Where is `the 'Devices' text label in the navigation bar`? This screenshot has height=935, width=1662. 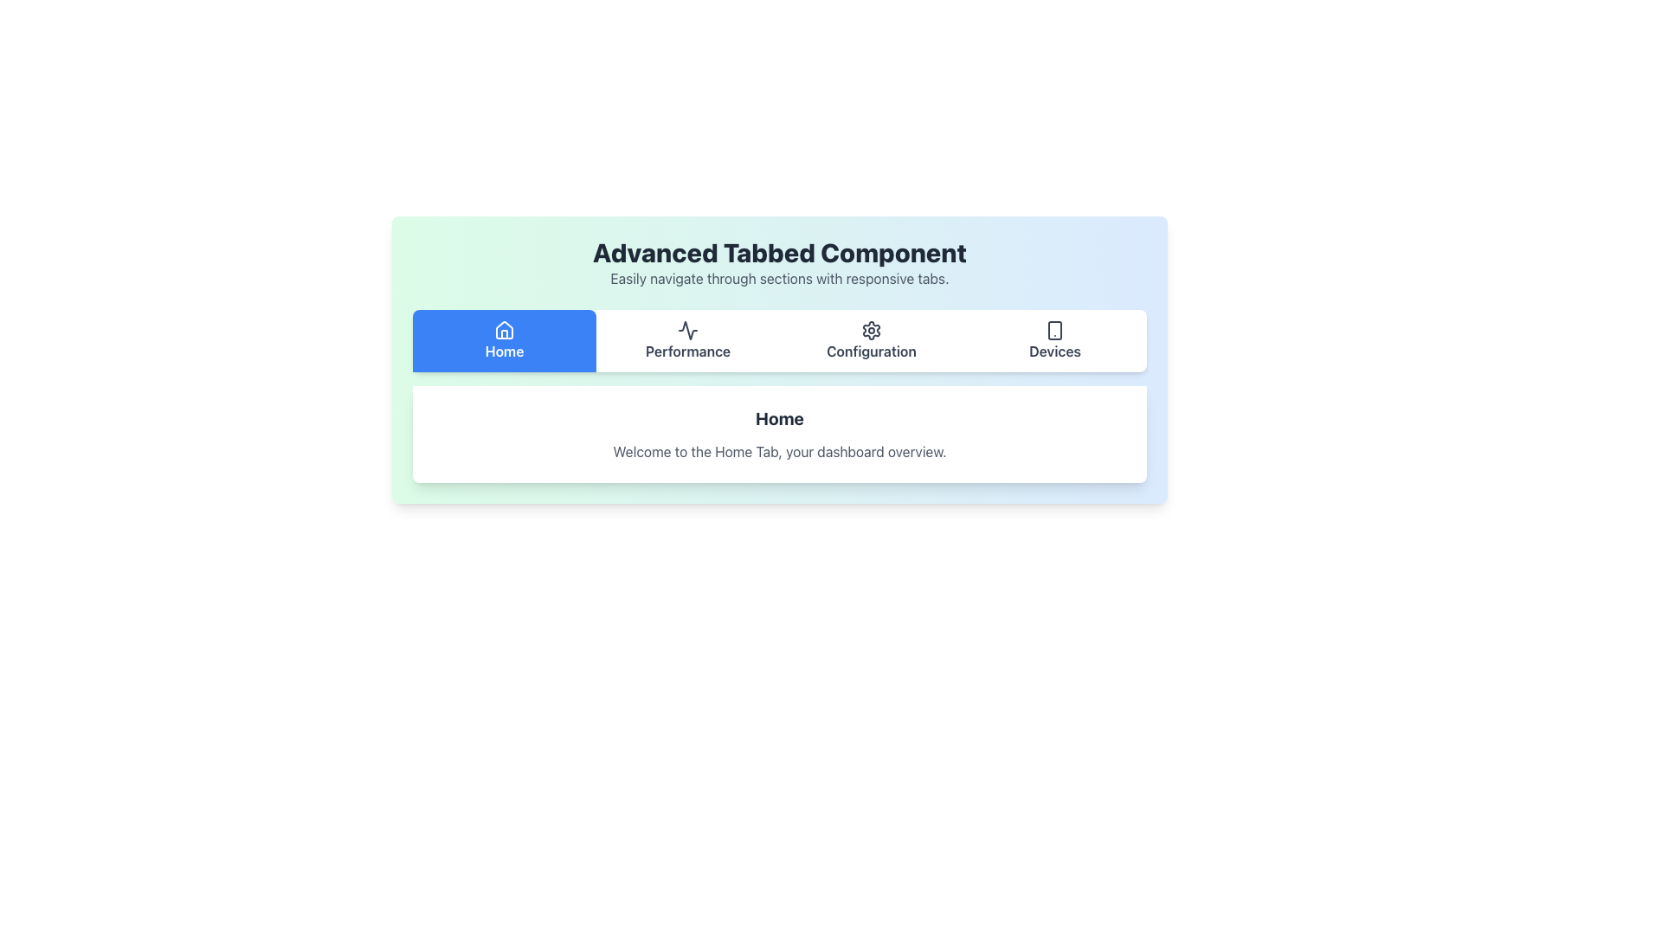 the 'Devices' text label in the navigation bar is located at coordinates (1054, 351).